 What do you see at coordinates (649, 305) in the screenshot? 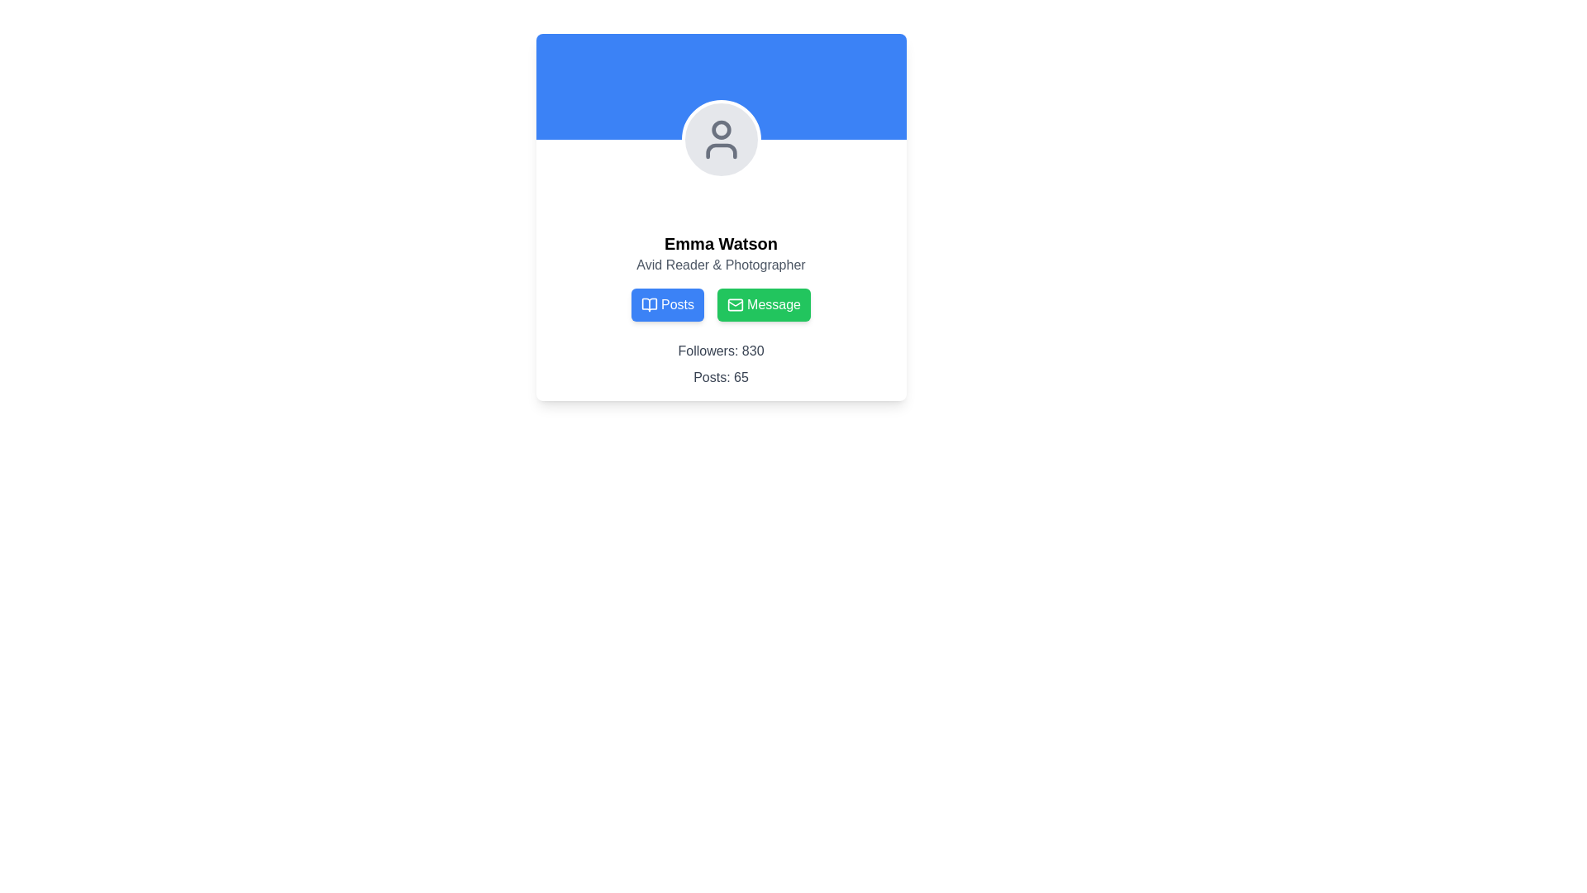
I see `the 'Posts' button which features an open book icon with a blue backdrop` at bounding box center [649, 305].